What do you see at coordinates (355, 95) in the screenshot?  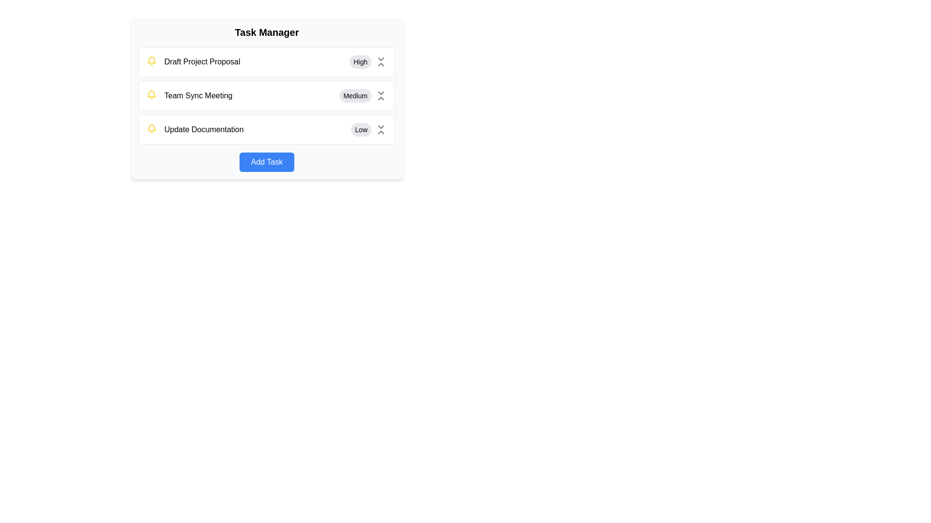 I see `the 'Medium' priority level label located in the center of the 'Team Sync Meeting' task row, positioned to the left of the dropdown button` at bounding box center [355, 95].